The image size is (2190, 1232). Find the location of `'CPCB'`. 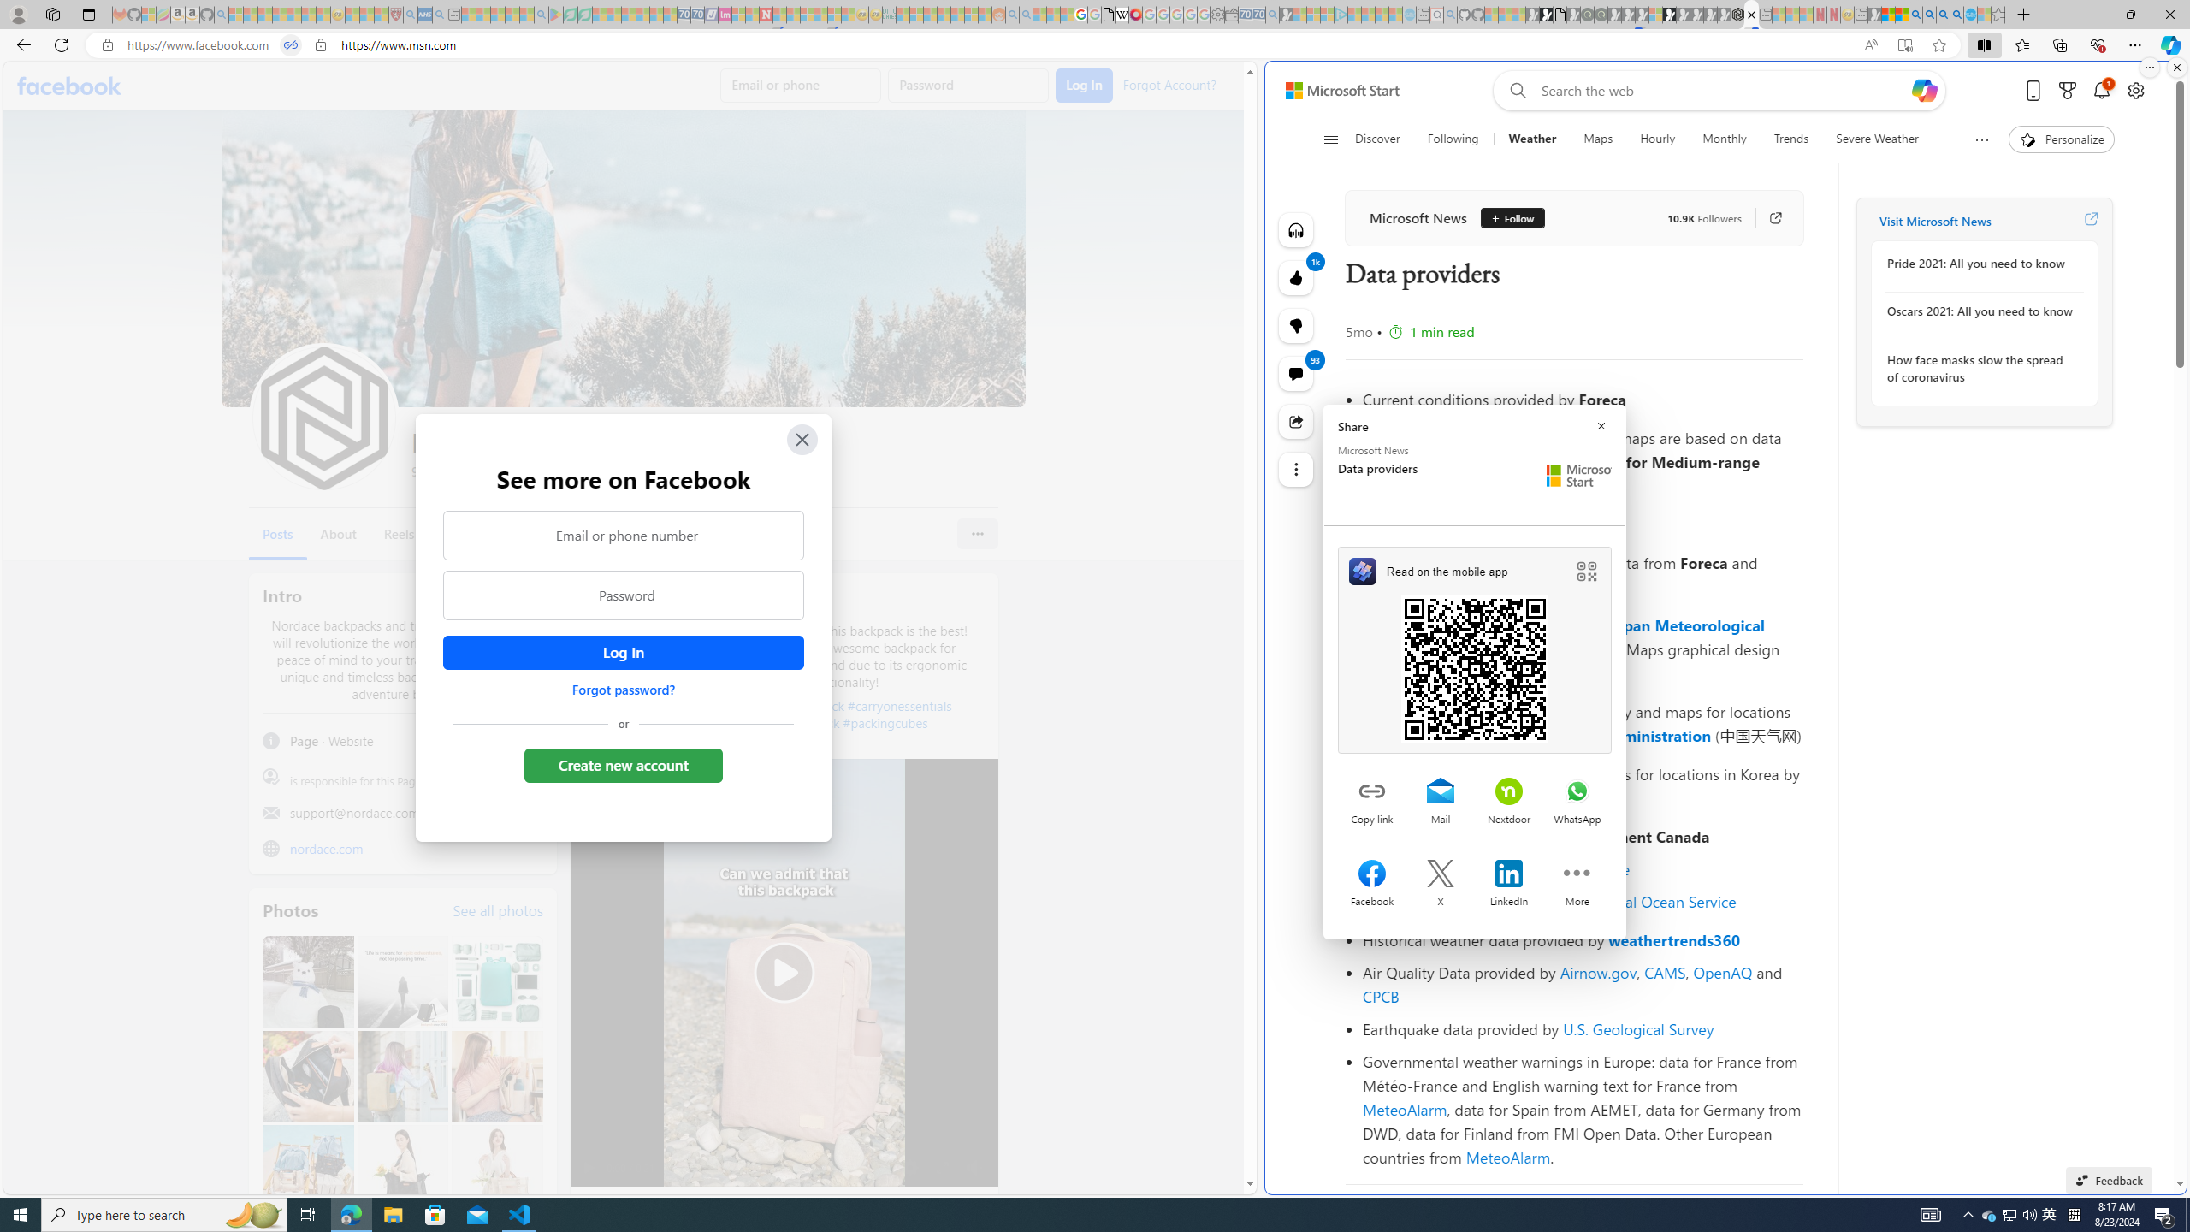

'CPCB' is located at coordinates (1381, 996).